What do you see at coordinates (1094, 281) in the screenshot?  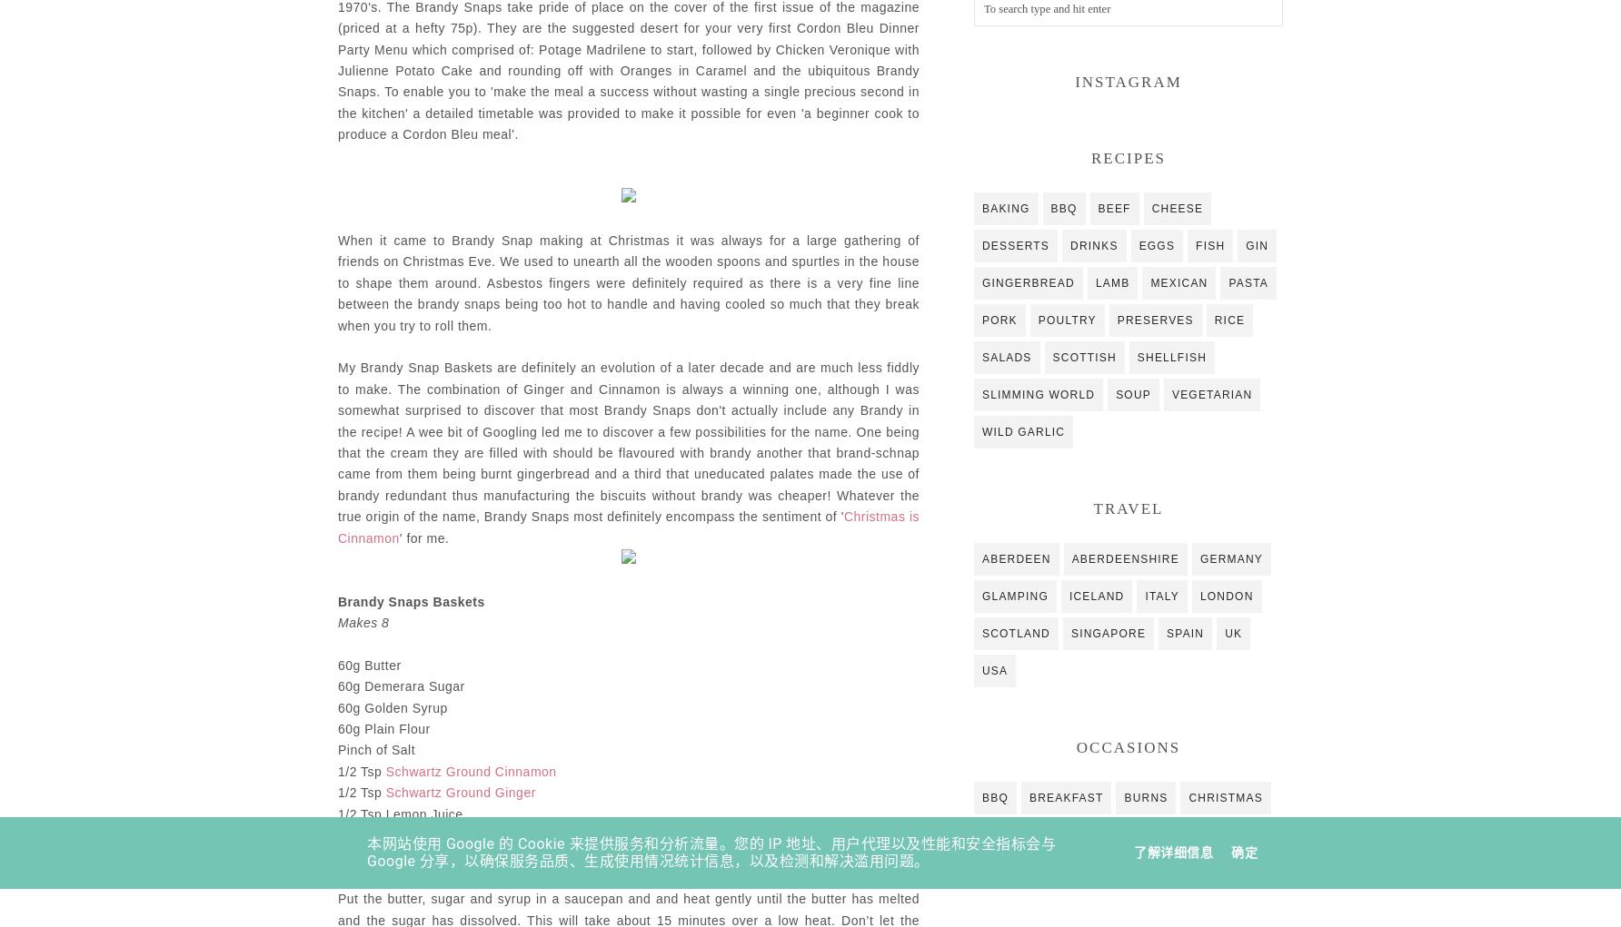 I see `'lamb'` at bounding box center [1094, 281].